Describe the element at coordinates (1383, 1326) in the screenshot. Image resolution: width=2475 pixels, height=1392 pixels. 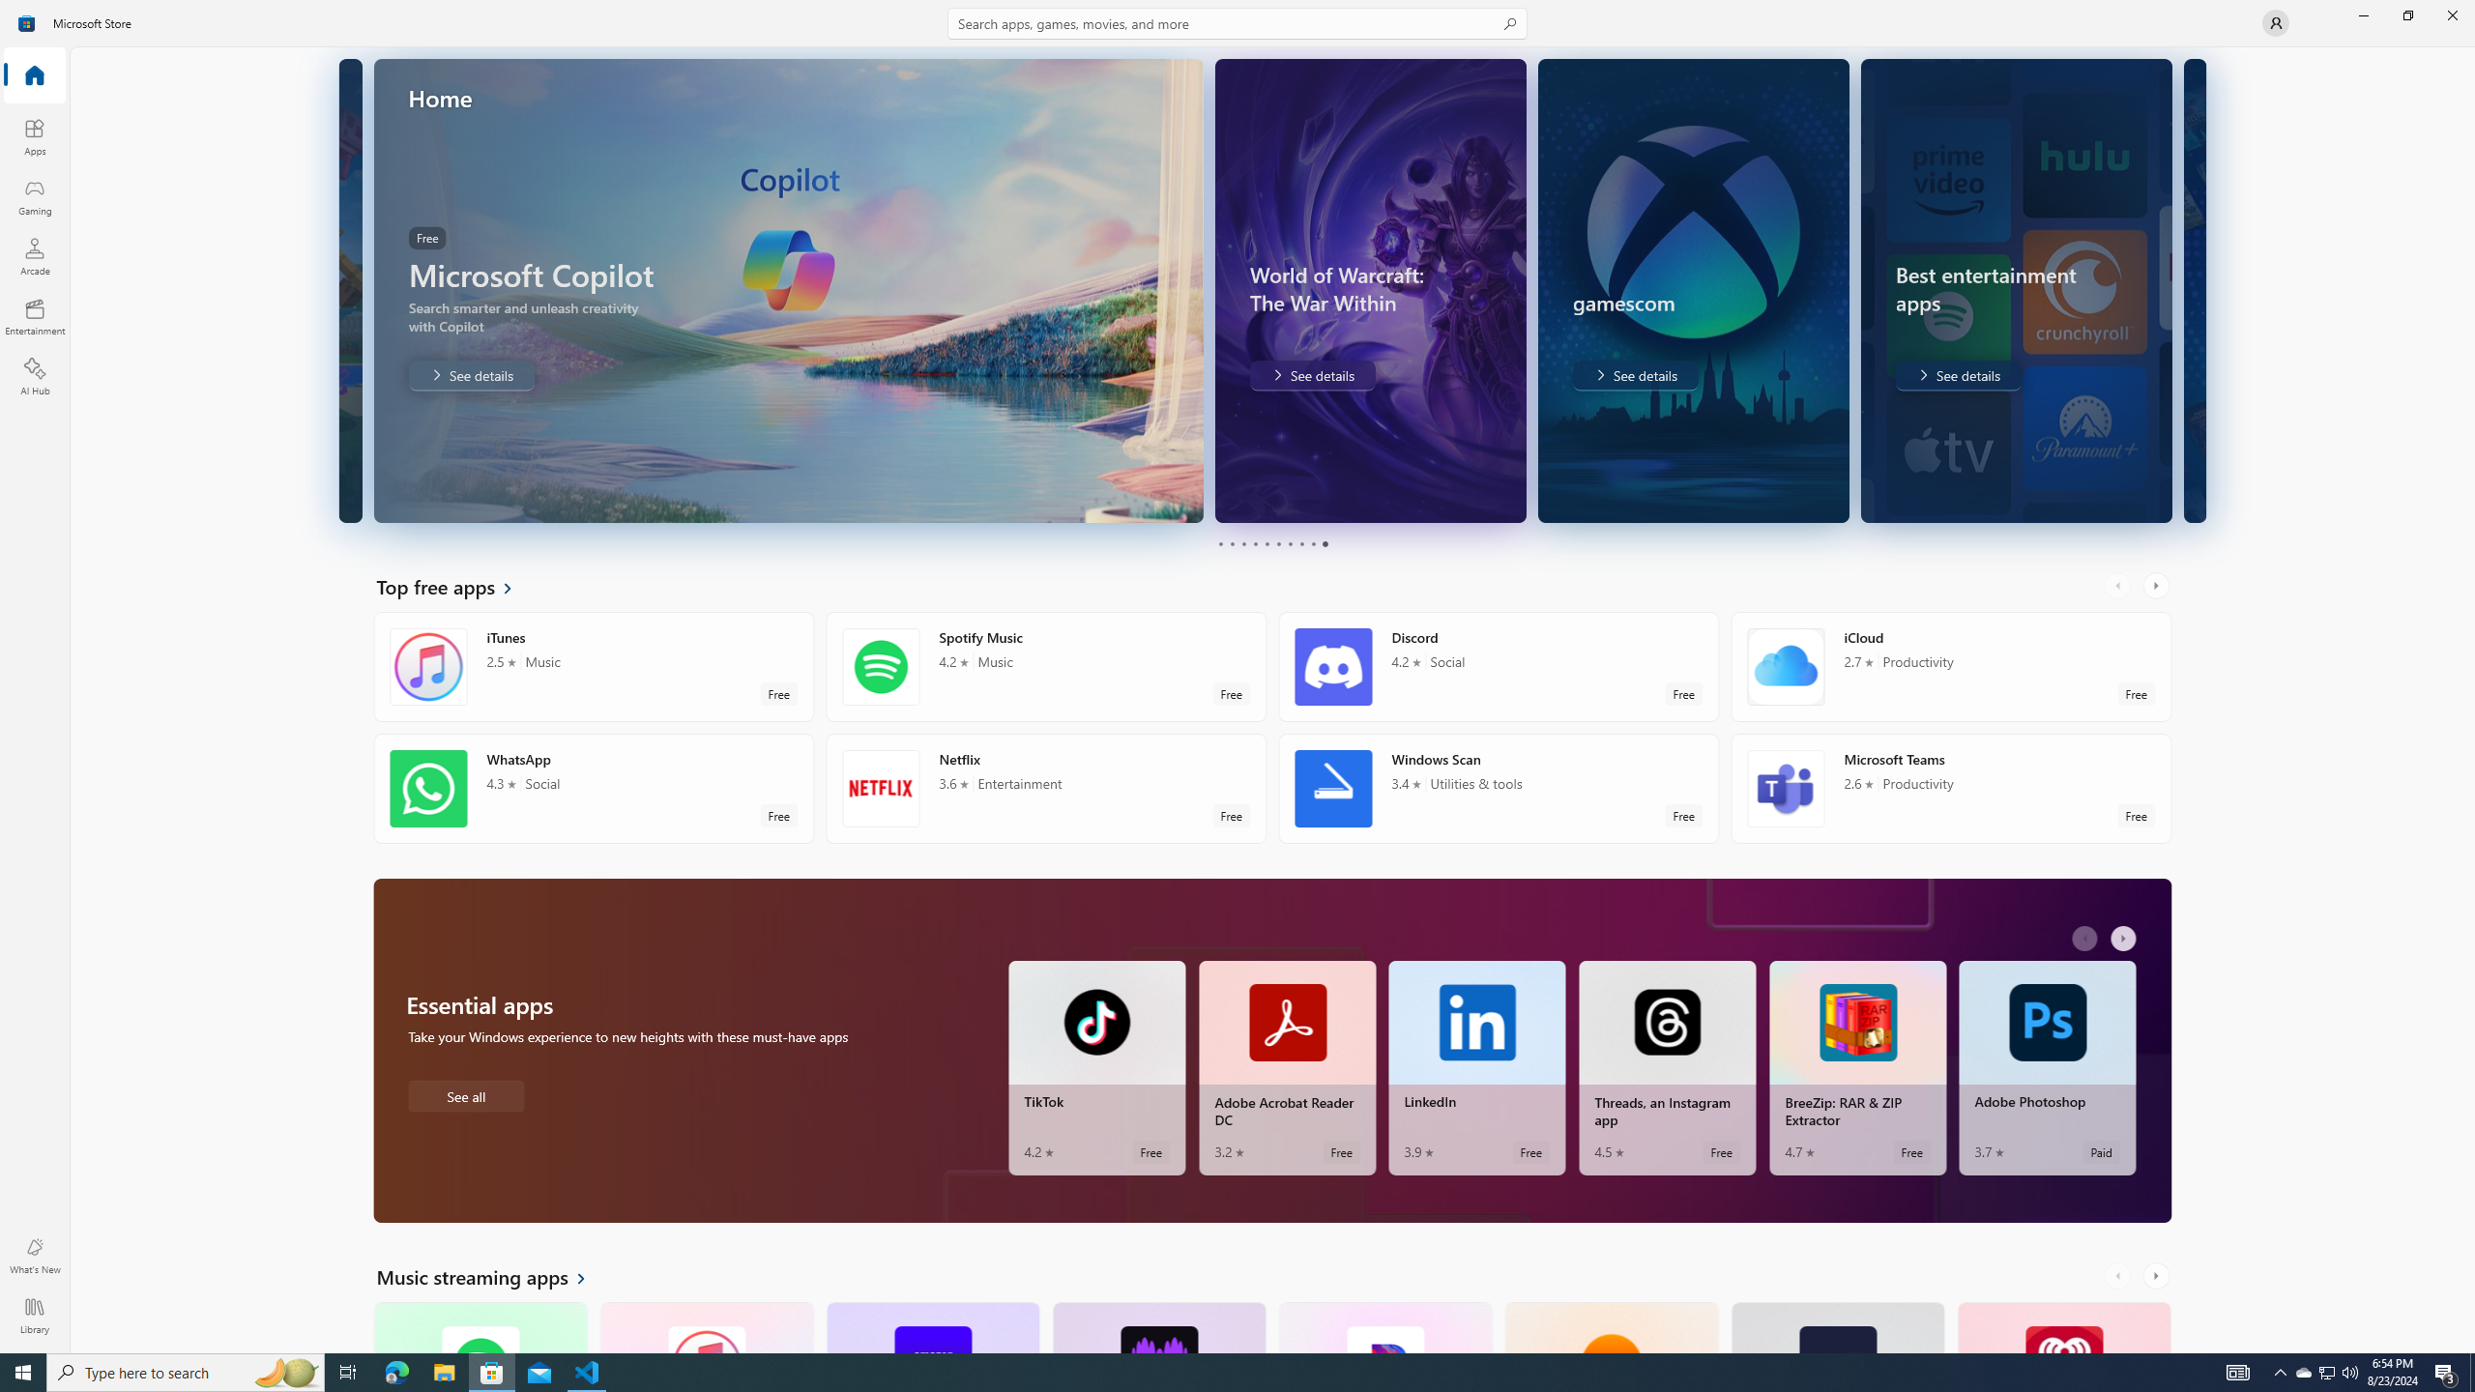
I see `'Pandora. Average rating of 4.5 out of five stars. Free  '` at that location.